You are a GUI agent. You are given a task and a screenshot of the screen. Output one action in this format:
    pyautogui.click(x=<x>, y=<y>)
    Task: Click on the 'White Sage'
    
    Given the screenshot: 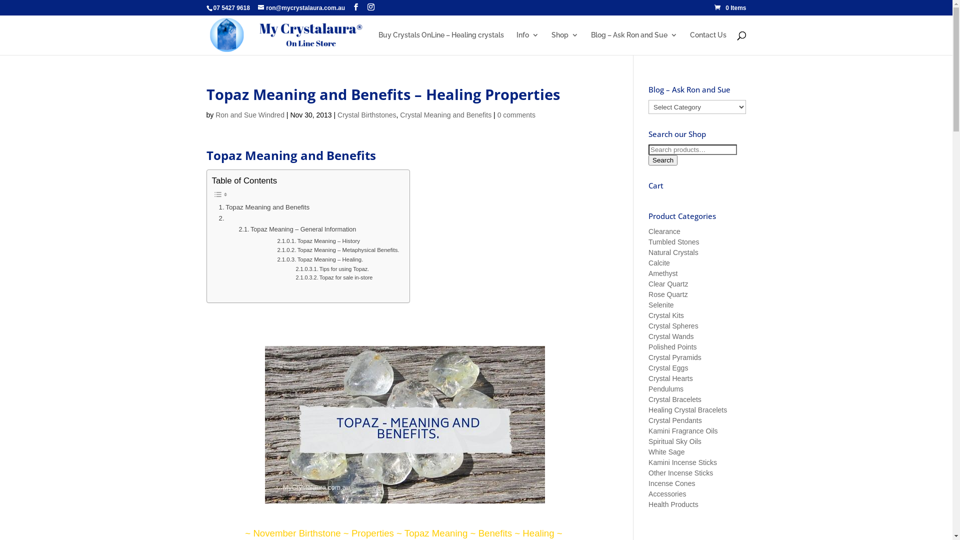 What is the action you would take?
    pyautogui.click(x=666, y=451)
    